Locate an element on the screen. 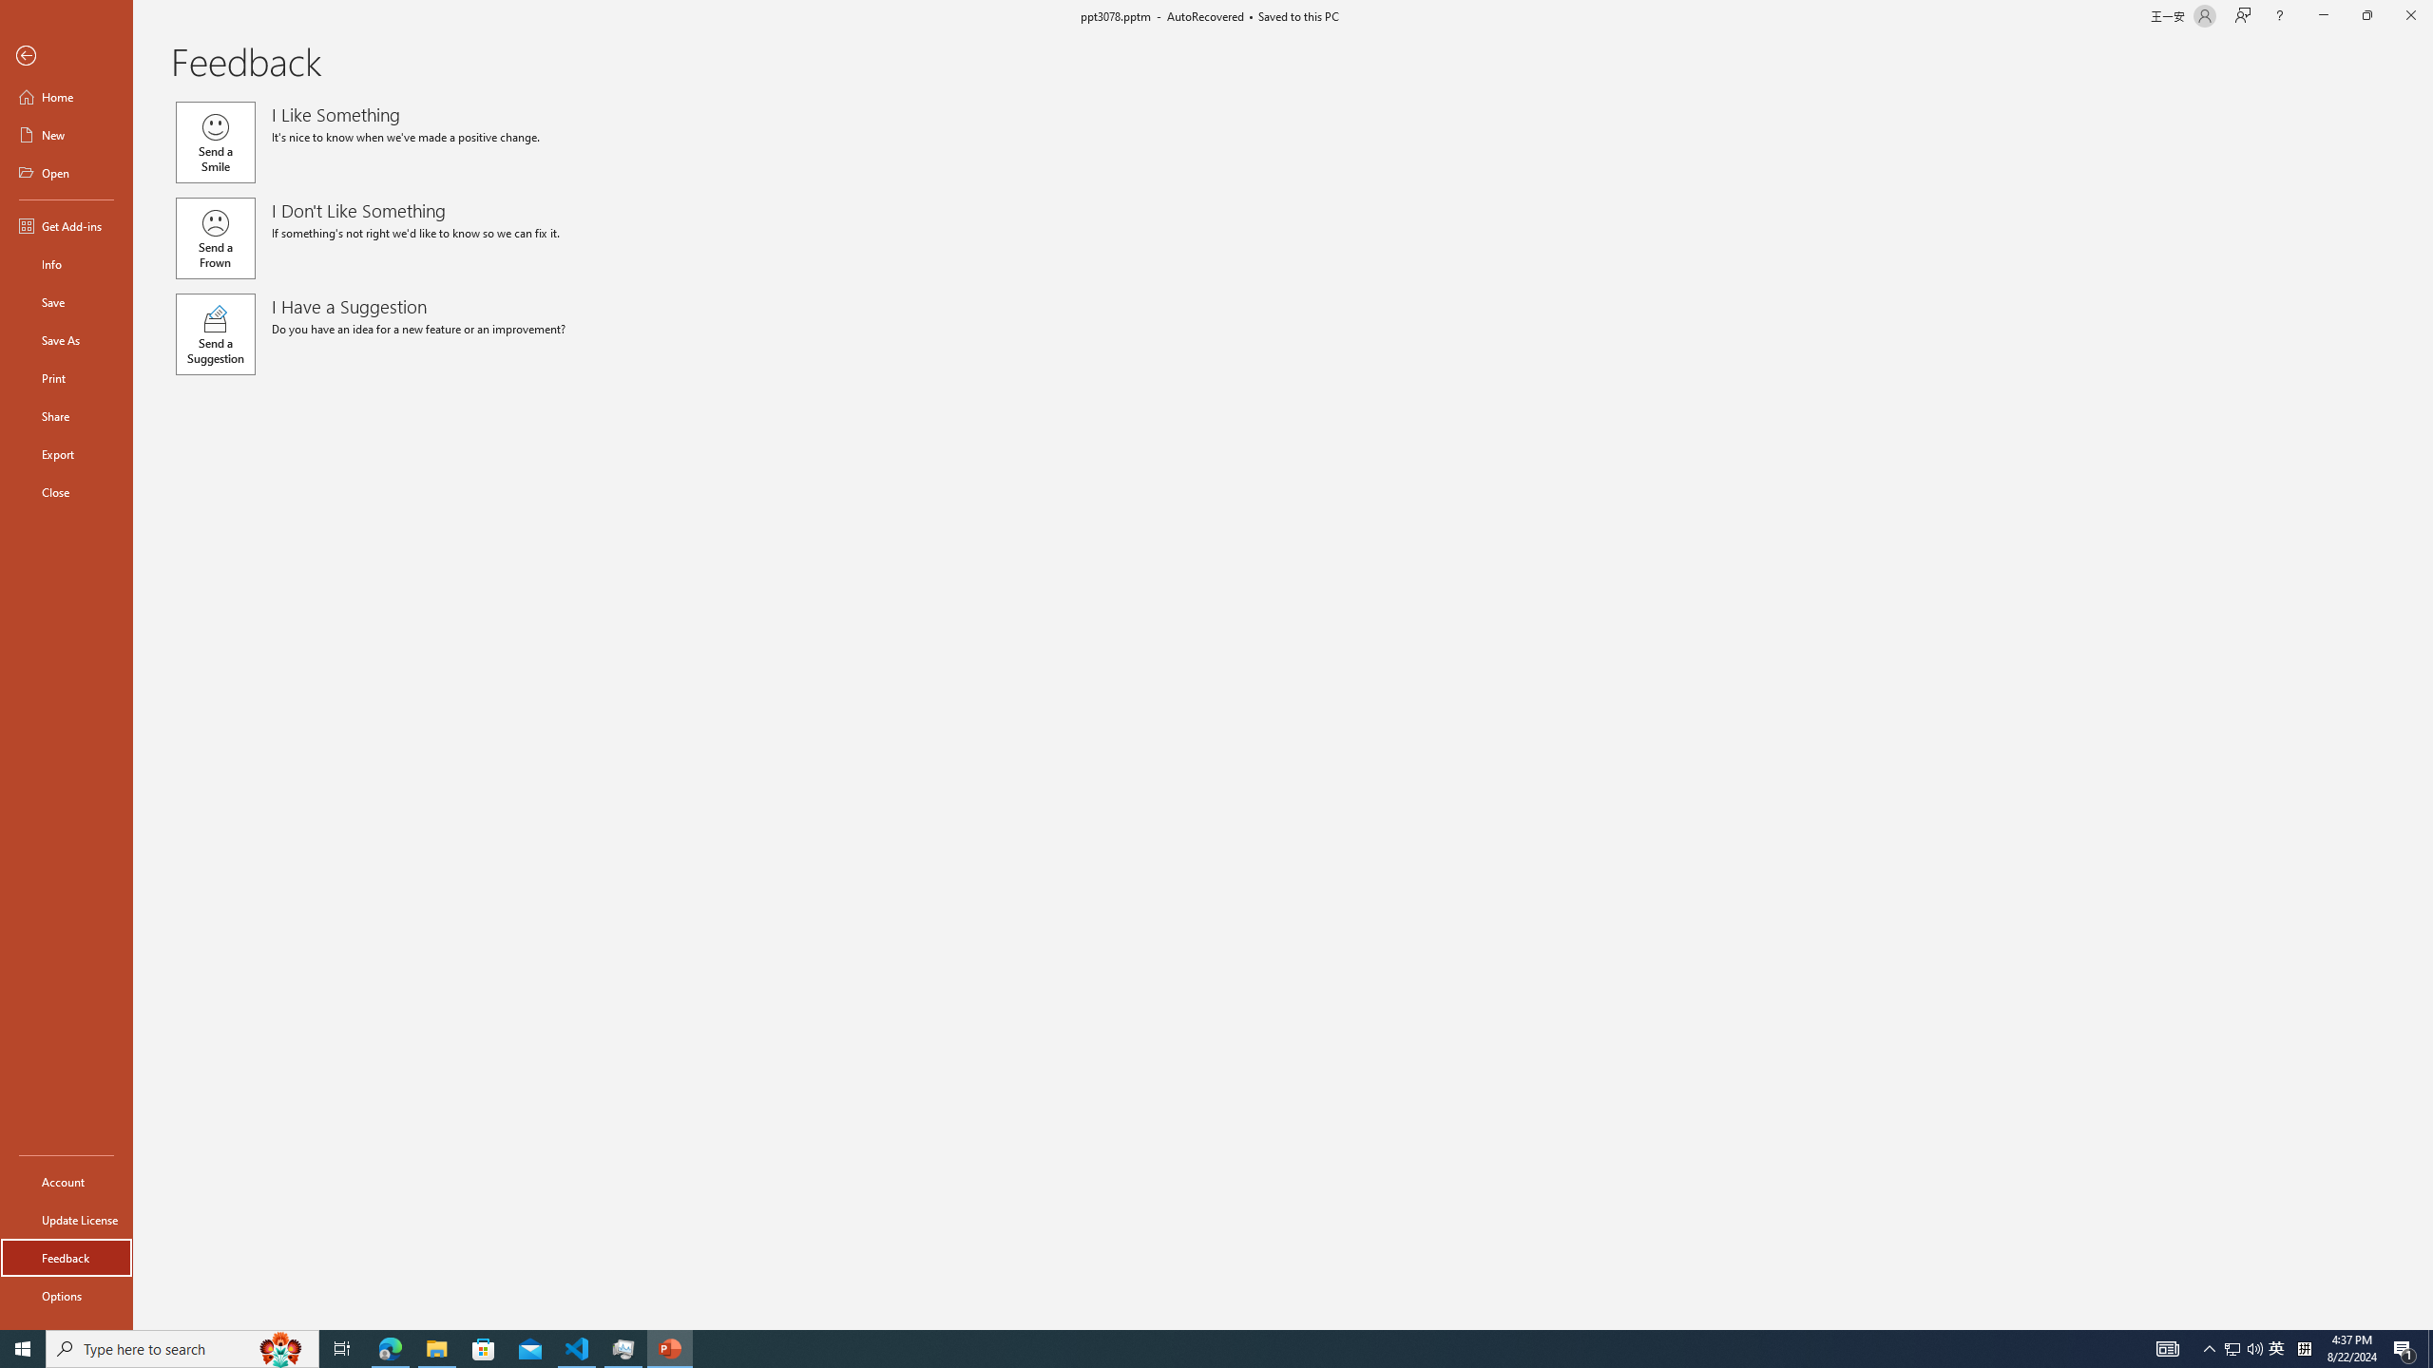  'Print' is located at coordinates (66, 377).